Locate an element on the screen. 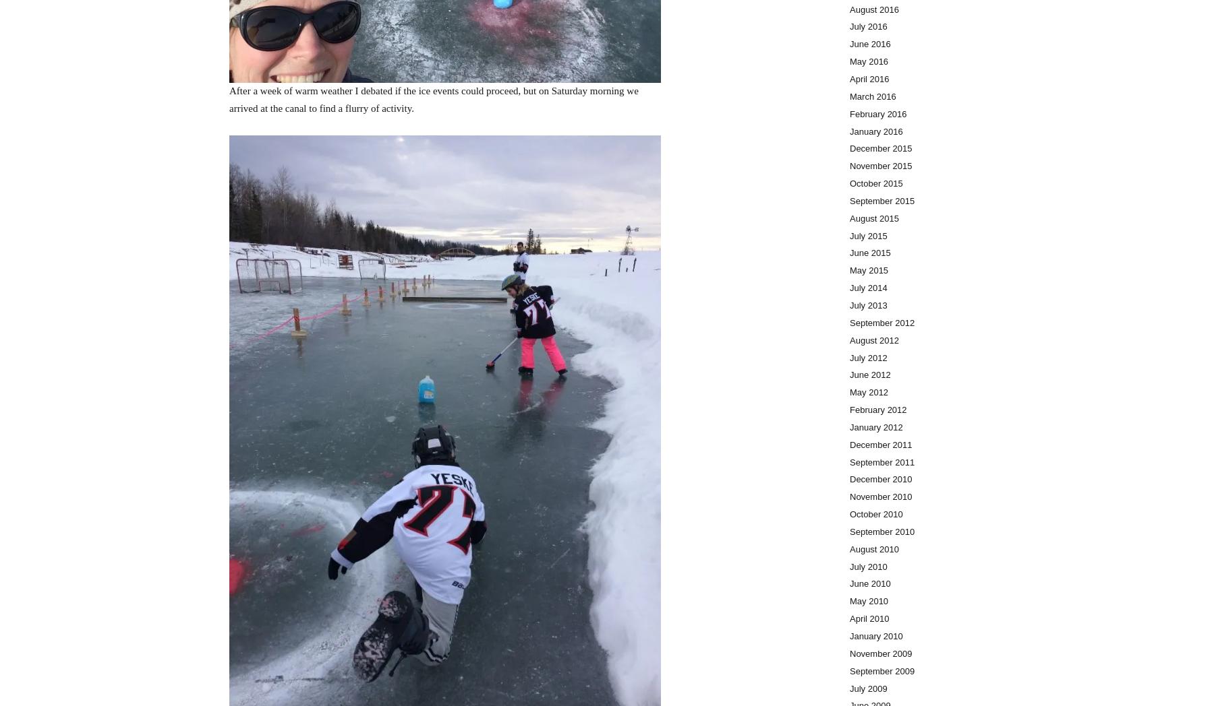 The image size is (1214, 706). 'May 2010' is located at coordinates (869, 600).